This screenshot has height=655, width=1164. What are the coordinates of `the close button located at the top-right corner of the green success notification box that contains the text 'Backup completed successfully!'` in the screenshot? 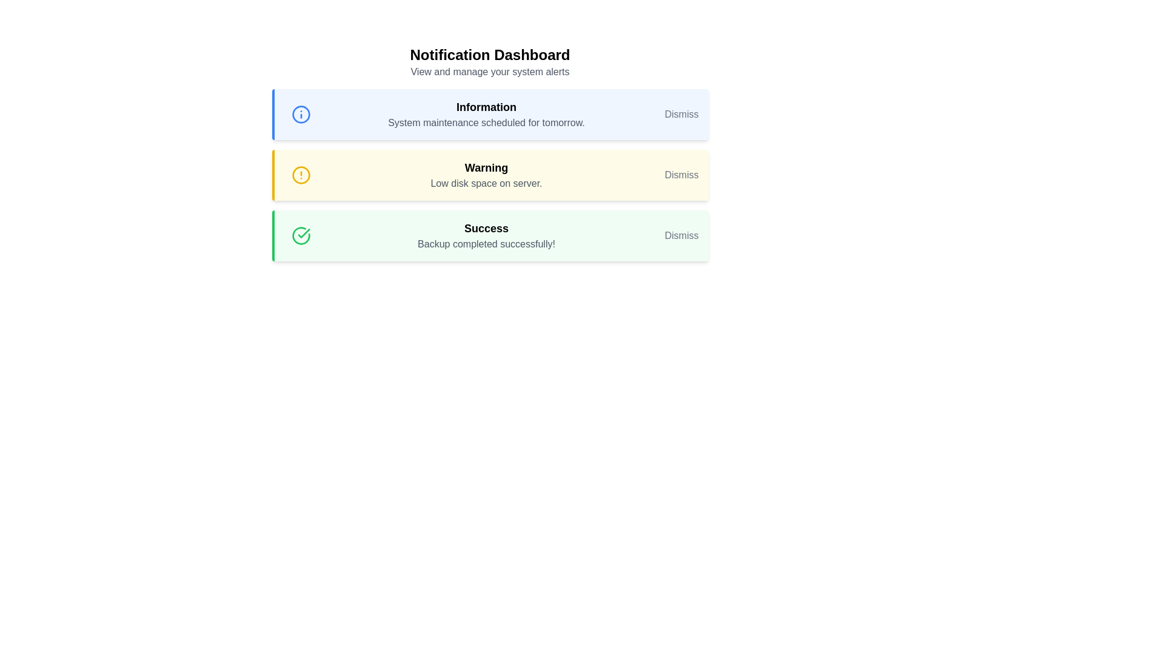 It's located at (681, 236).